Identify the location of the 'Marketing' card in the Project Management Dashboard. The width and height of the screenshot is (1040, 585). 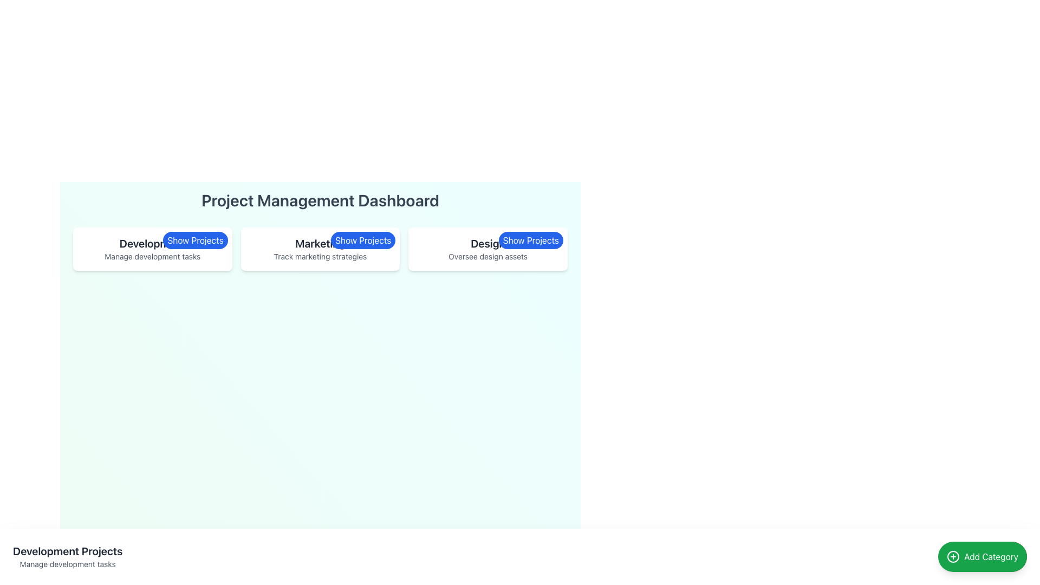
(320, 249).